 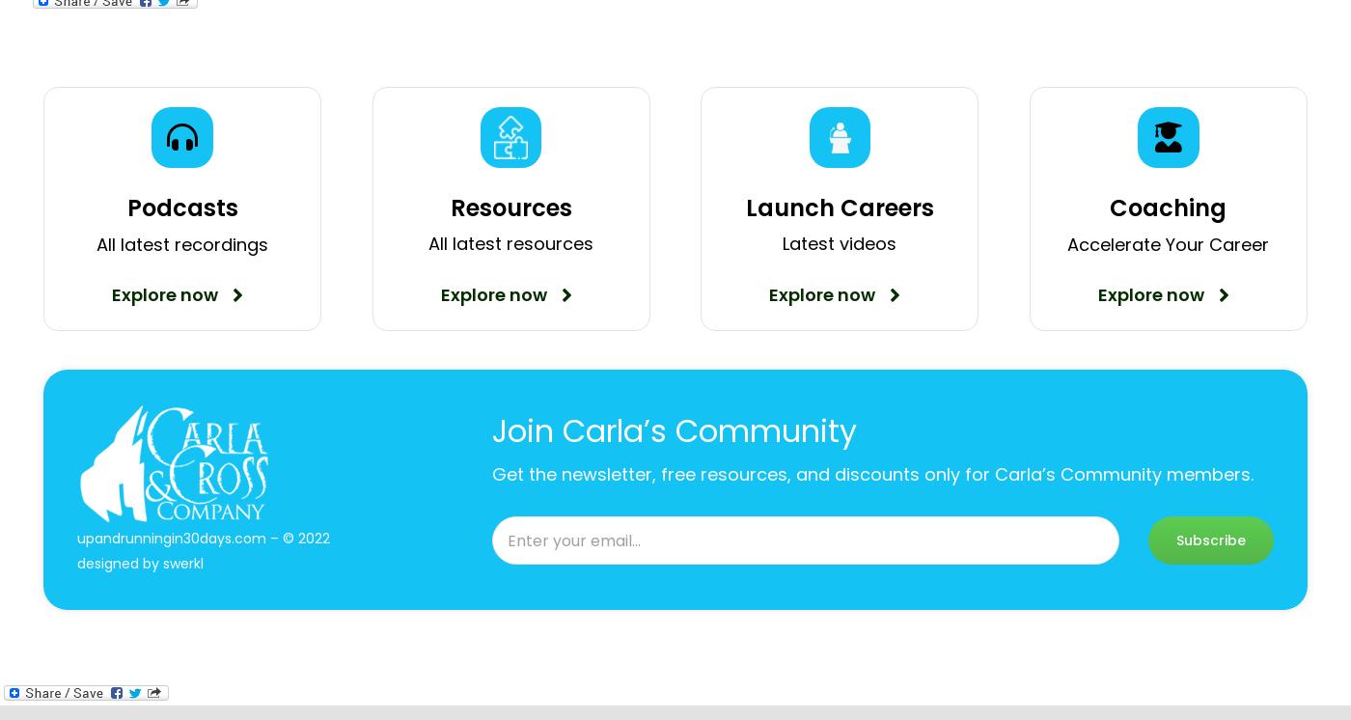 I want to click on 'Resources', so click(x=510, y=207).